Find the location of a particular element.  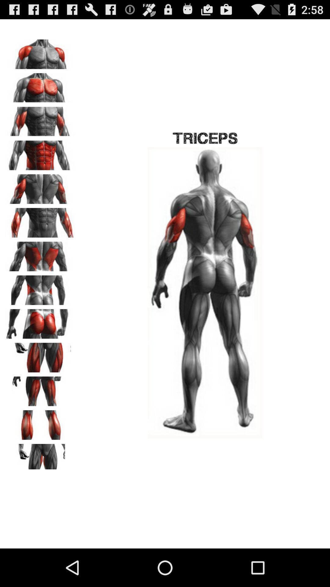

change photo is located at coordinates (40, 355).